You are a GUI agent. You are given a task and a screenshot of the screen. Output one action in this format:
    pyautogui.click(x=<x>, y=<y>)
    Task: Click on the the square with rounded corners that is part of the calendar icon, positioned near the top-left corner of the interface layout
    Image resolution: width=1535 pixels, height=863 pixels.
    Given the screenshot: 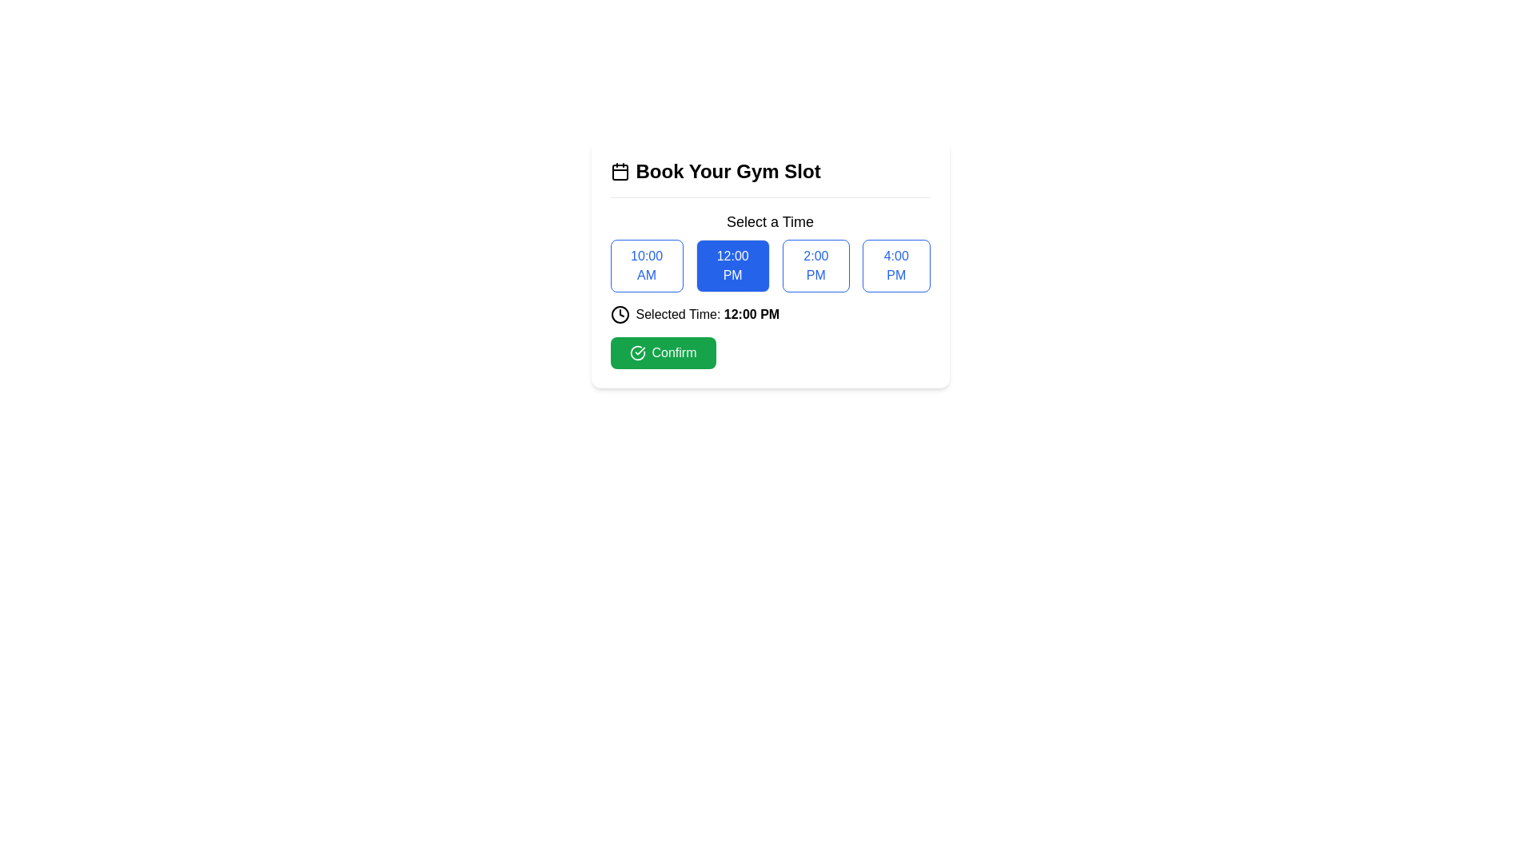 What is the action you would take?
    pyautogui.click(x=619, y=173)
    